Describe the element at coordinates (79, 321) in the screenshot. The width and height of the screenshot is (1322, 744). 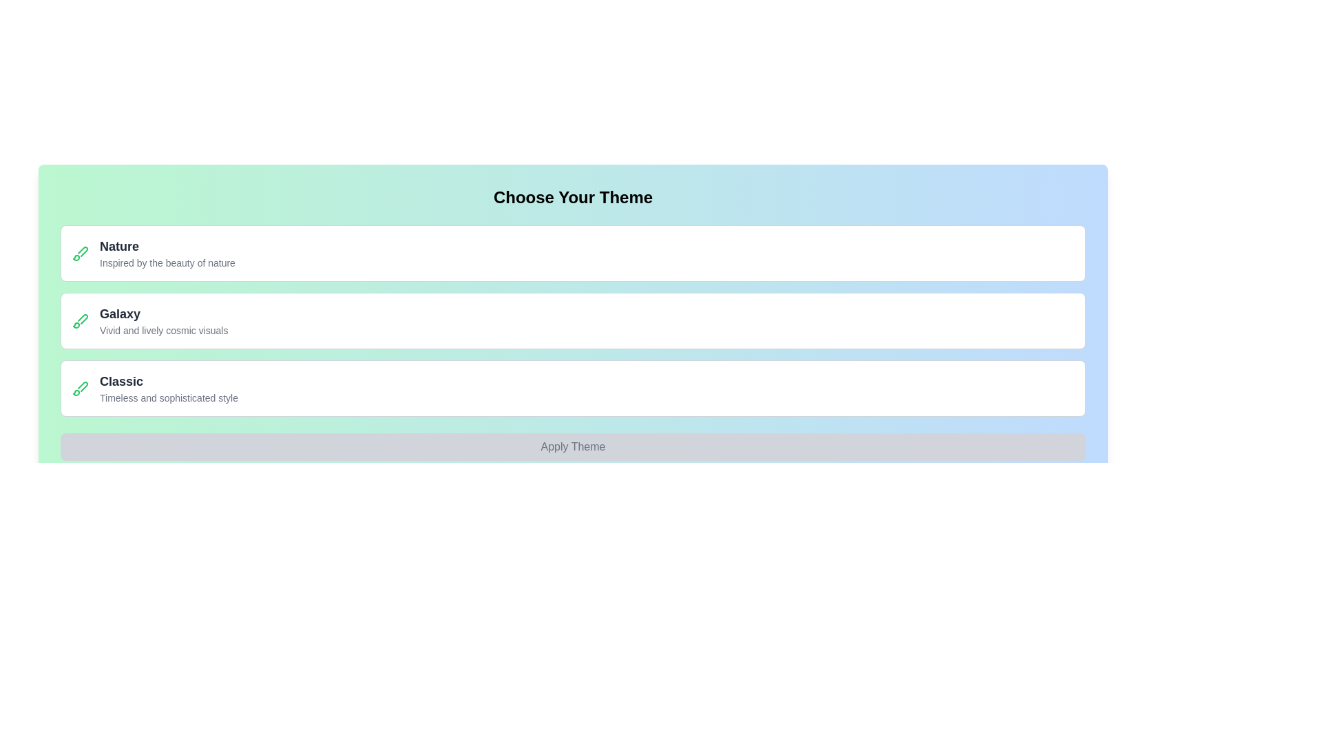
I see `the icon located in the leftmost position of the 'Galaxy' card, which symbolizes the theme's characteristics` at that location.